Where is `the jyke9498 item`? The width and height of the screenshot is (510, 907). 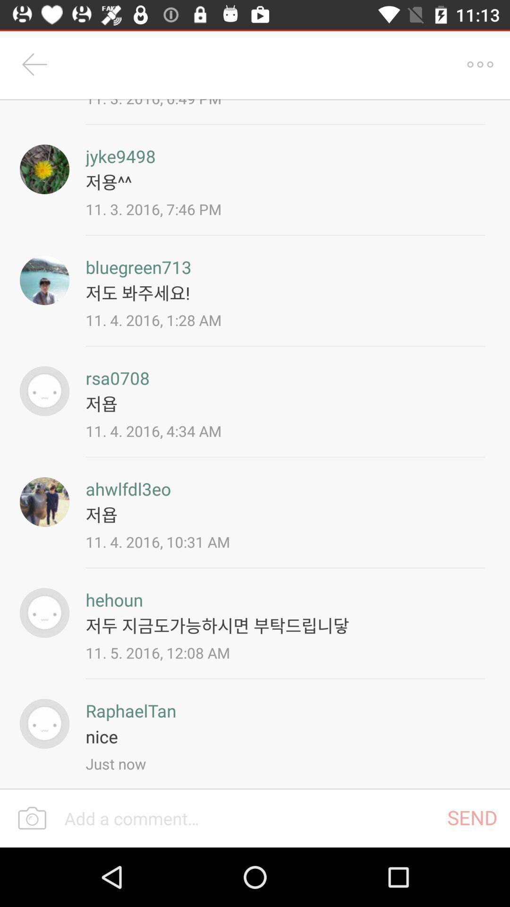
the jyke9498 item is located at coordinates (120, 156).